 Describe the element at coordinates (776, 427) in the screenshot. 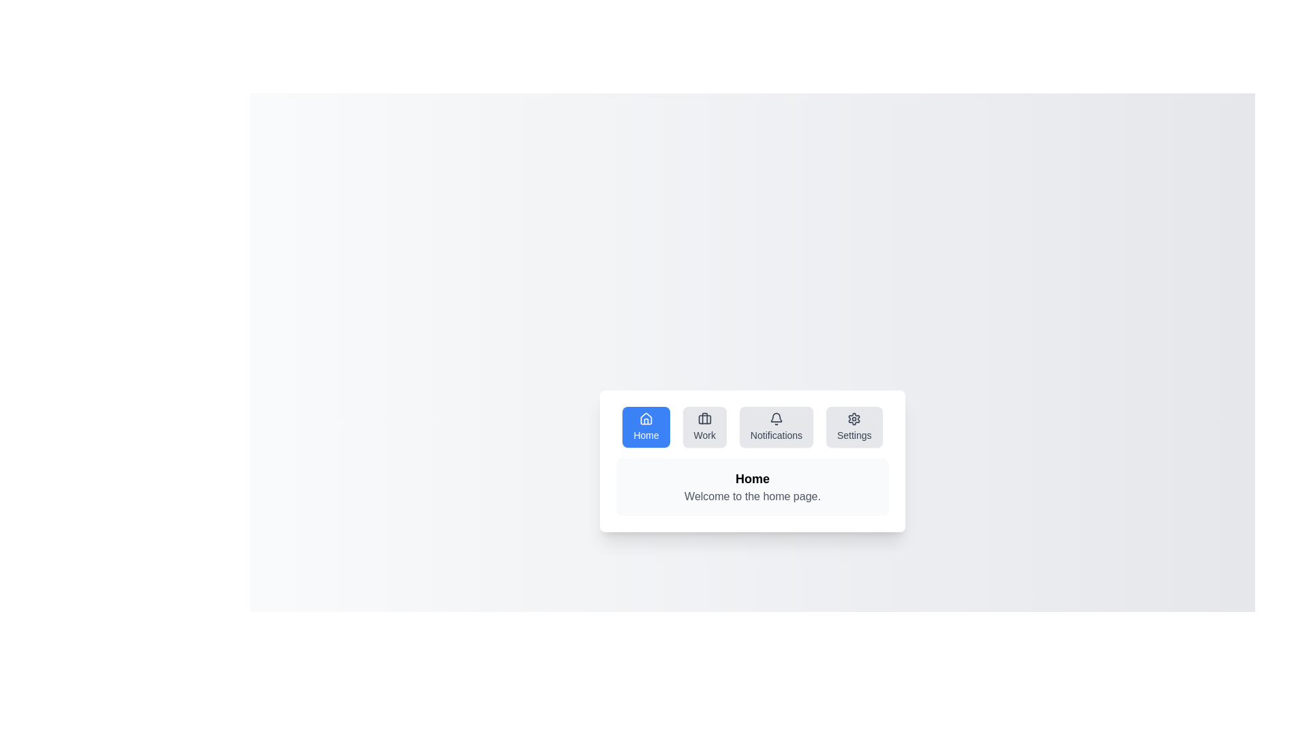

I see `the 'Notifications' button, which is a light grey rectangular button with rounded corners featuring a bell icon and dark grey text, positioned third in a group of four buttons` at that location.